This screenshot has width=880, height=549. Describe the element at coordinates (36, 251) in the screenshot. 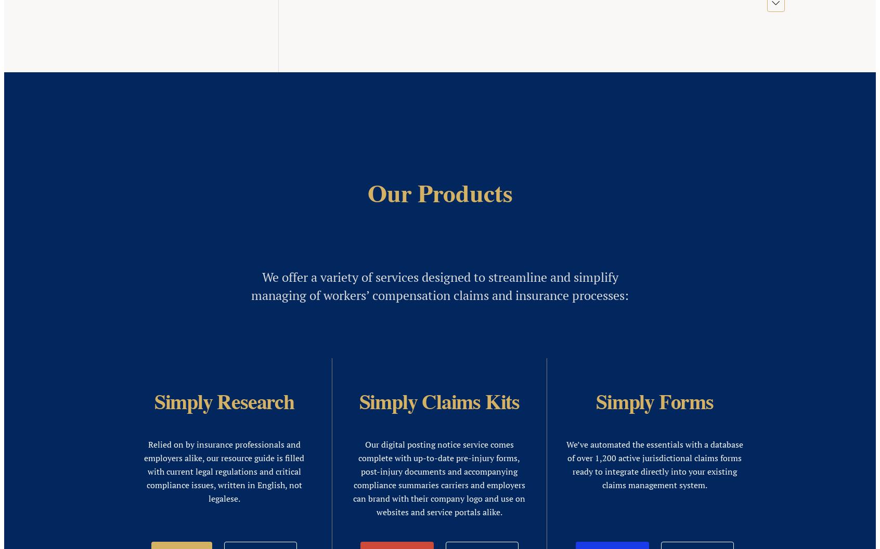

I see `'+1 (866) 927-2667'` at that location.